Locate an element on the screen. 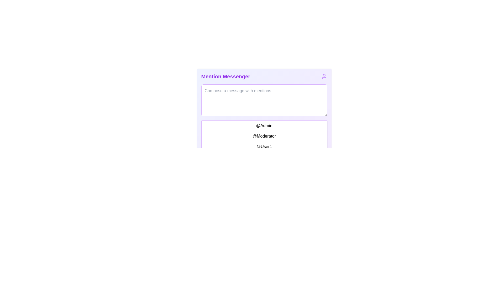  the user icon, which is a purple-outline silhouette located at the top right of the 'Mention Messenger' component is located at coordinates (324, 77).